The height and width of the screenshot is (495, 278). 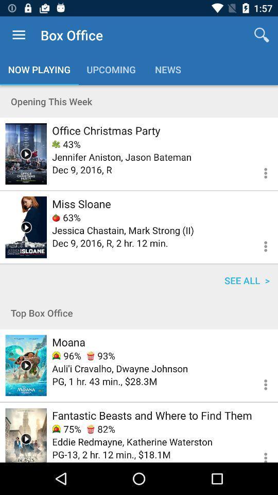 I want to click on press to play, so click(x=26, y=365).